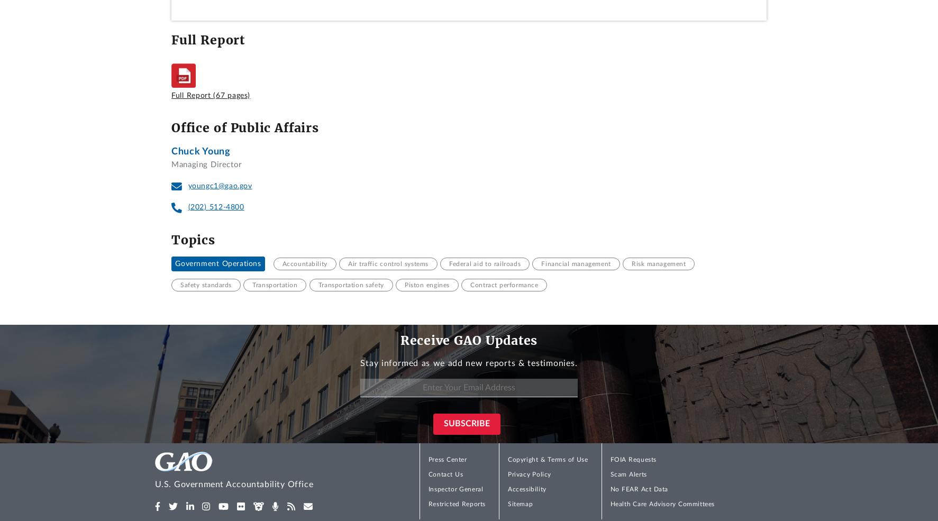  What do you see at coordinates (427, 473) in the screenshot?
I see `'Contact Us'` at bounding box center [427, 473].